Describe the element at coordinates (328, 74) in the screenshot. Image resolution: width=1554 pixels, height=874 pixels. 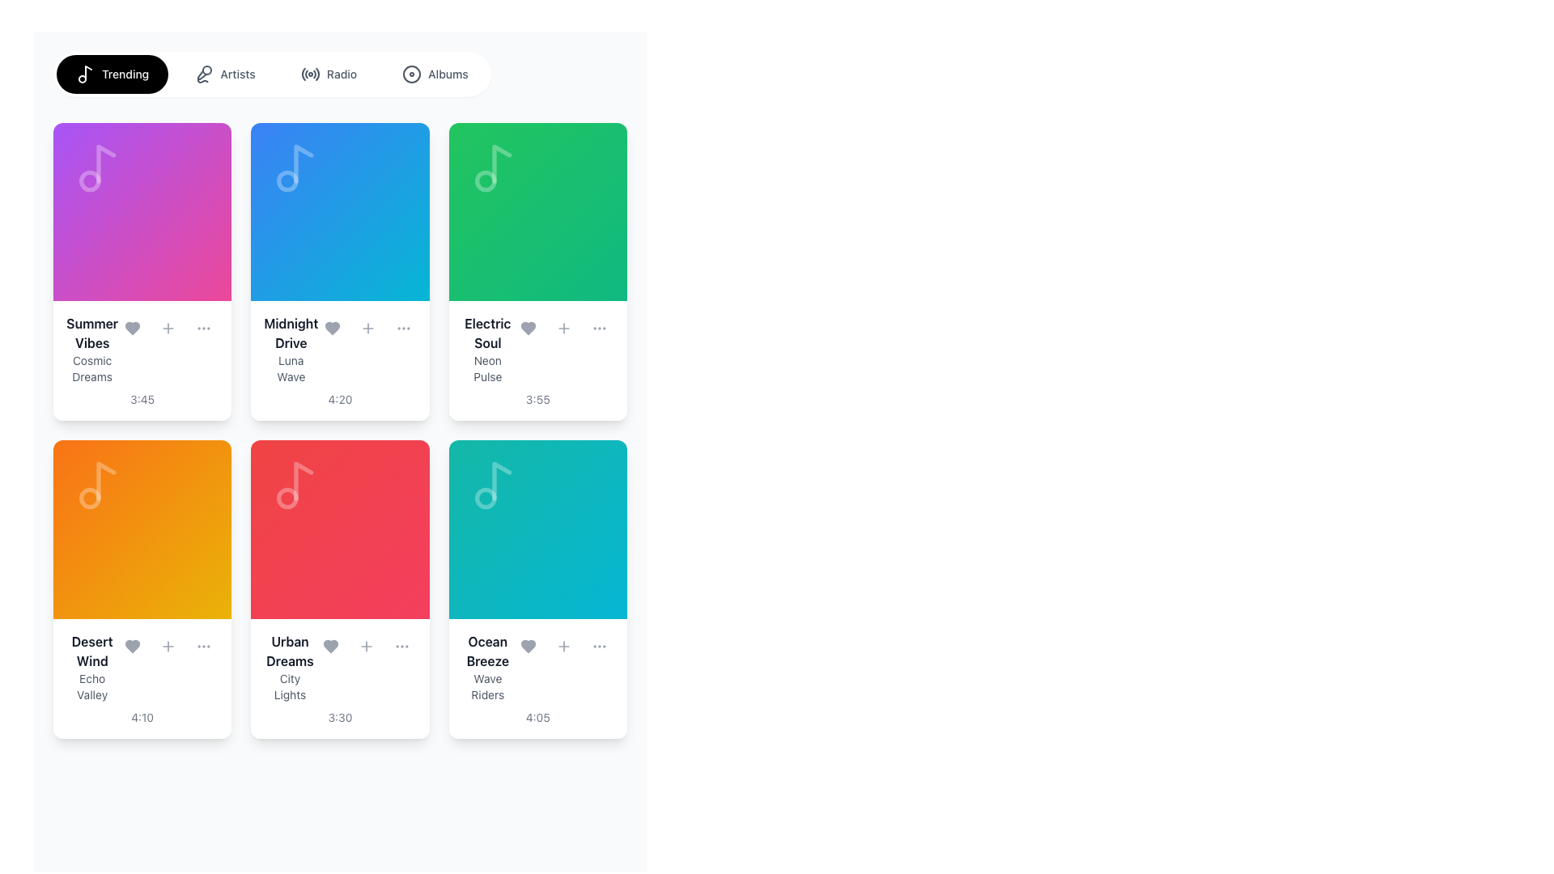
I see `the 'Radio' button, which features a radio wave icon on the left and gray text on the right, to change its background color` at that location.